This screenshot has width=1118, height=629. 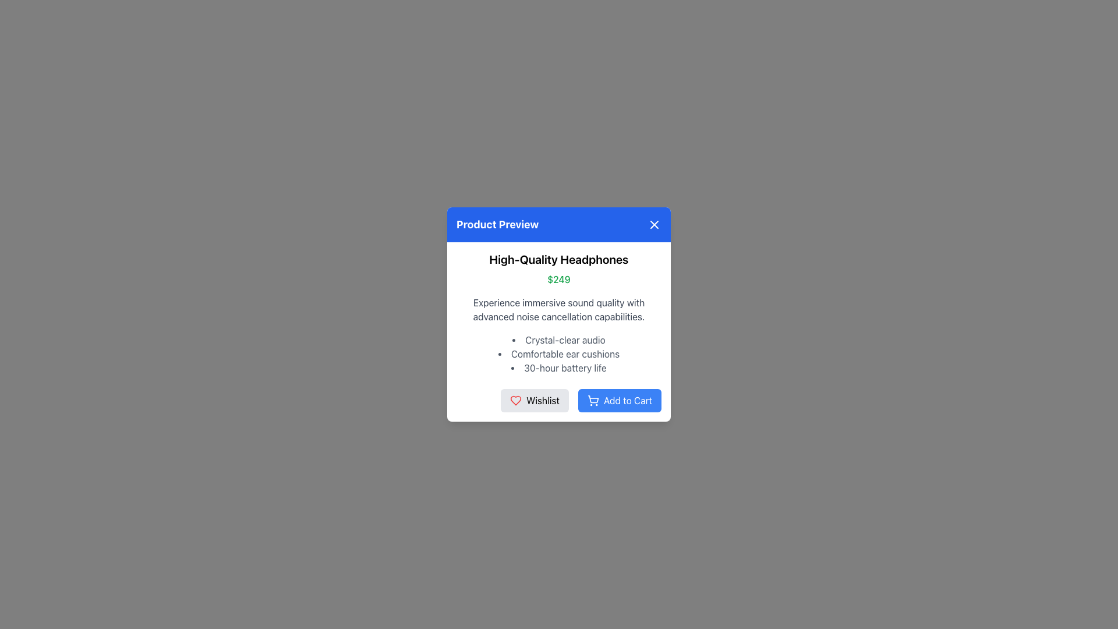 What do you see at coordinates (593, 400) in the screenshot?
I see `the 'Add to Cart' icon located to the left of the 'Add to Cart' label text in the lower-right section of the modal window` at bounding box center [593, 400].